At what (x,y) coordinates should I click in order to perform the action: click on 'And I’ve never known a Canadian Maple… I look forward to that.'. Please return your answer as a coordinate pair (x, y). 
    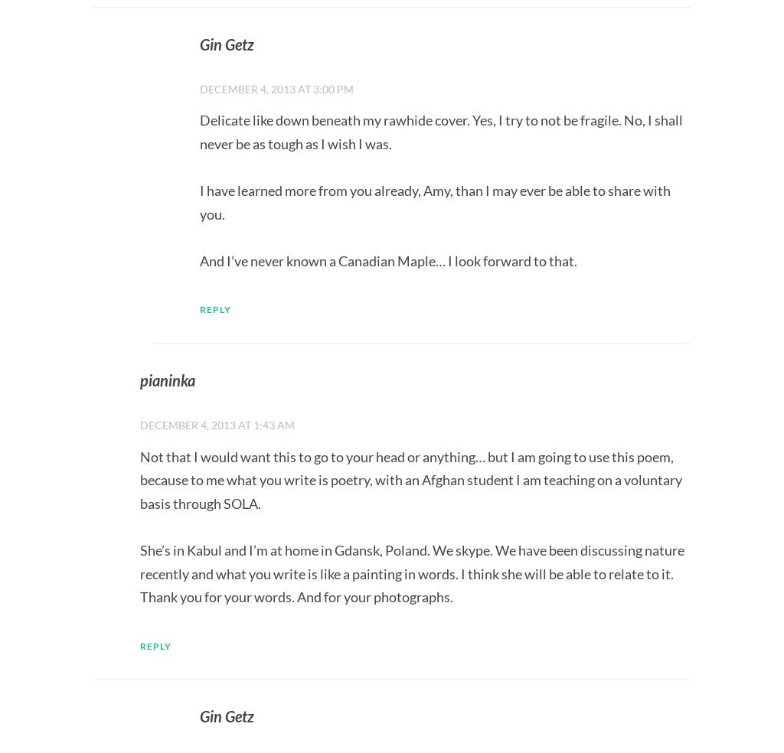
    Looking at the image, I should click on (387, 259).